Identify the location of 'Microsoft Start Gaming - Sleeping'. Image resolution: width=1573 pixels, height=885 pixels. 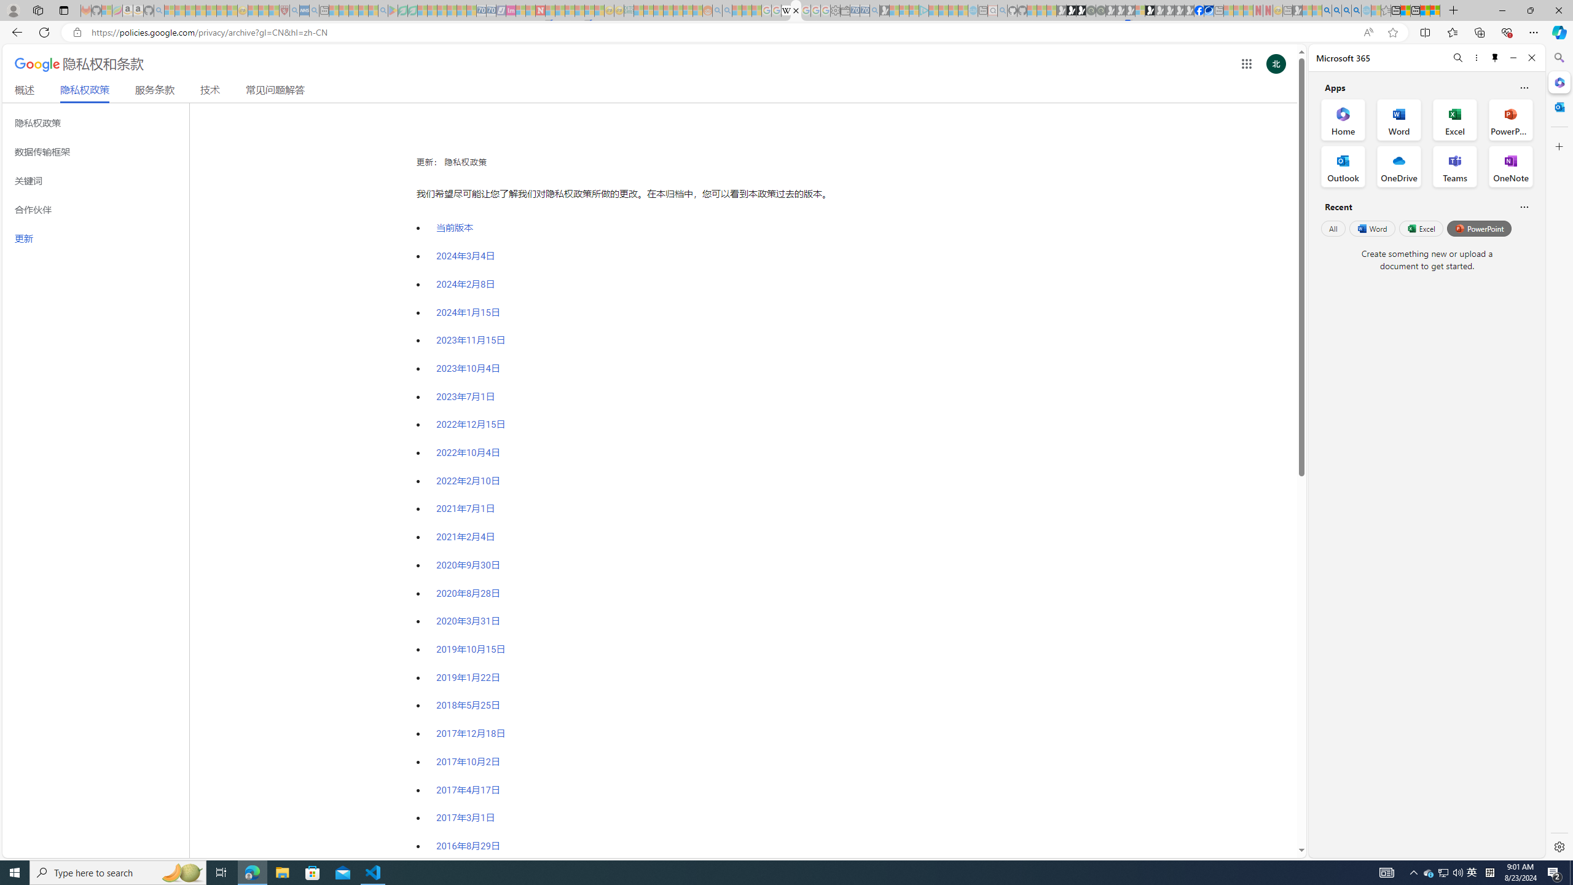
(884, 10).